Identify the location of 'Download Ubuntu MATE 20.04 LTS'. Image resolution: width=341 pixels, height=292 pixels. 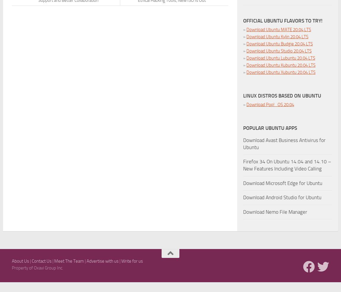
(279, 29).